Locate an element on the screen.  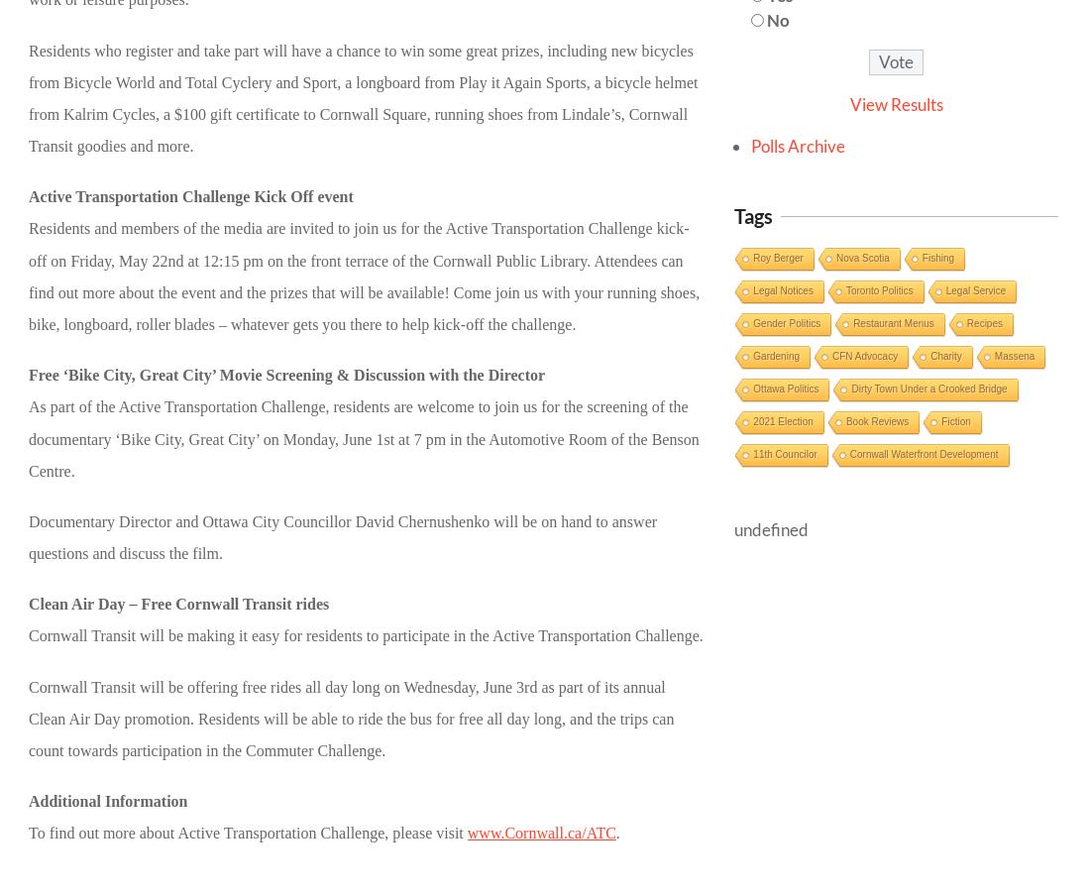
'Dirty Town Under a Crooked Bridge' is located at coordinates (928, 388).